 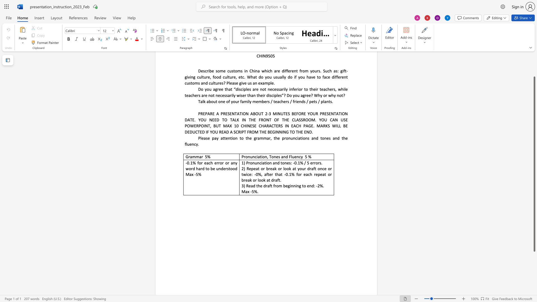 I want to click on the scrollbar to move the view up, so click(x=534, y=70).